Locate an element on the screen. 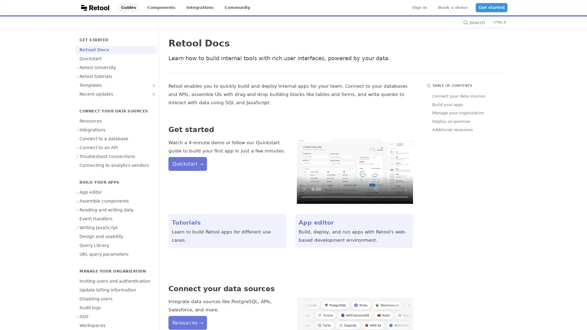 Image resolution: width=587 pixels, height=330 pixels. Show subpages for Reading and writing data is located at coordinates (77, 209).